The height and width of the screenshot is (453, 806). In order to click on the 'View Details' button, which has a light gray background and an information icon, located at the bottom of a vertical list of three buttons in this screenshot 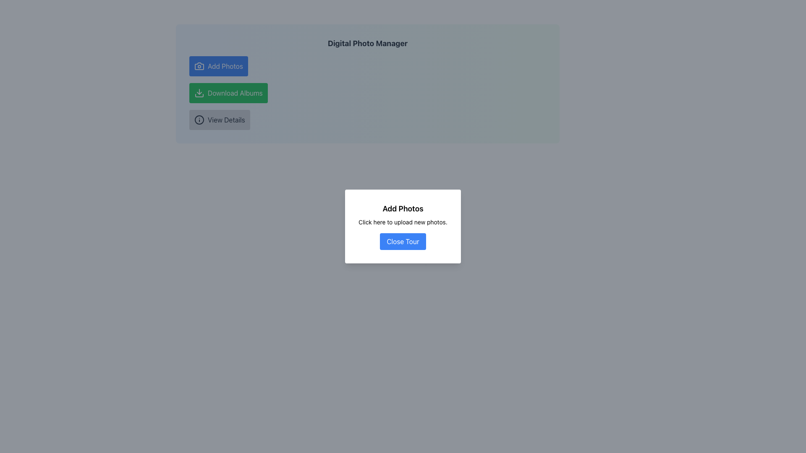, I will do `click(220, 120)`.